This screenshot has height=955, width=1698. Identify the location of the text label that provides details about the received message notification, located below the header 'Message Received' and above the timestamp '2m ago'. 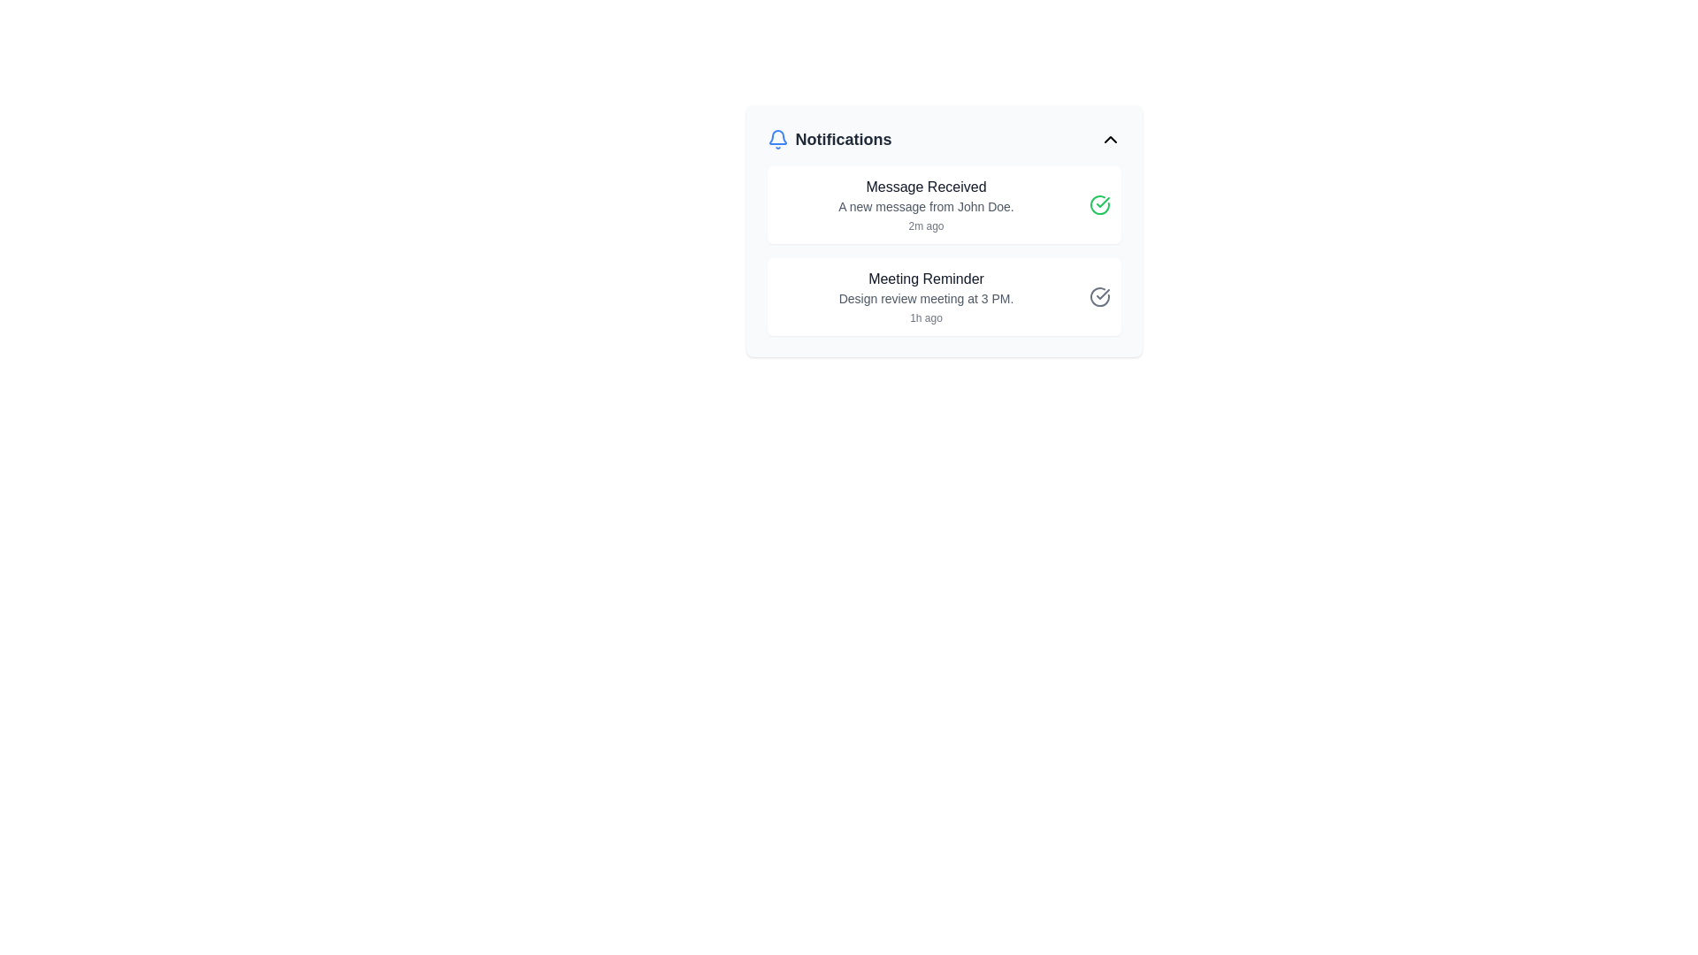
(925, 206).